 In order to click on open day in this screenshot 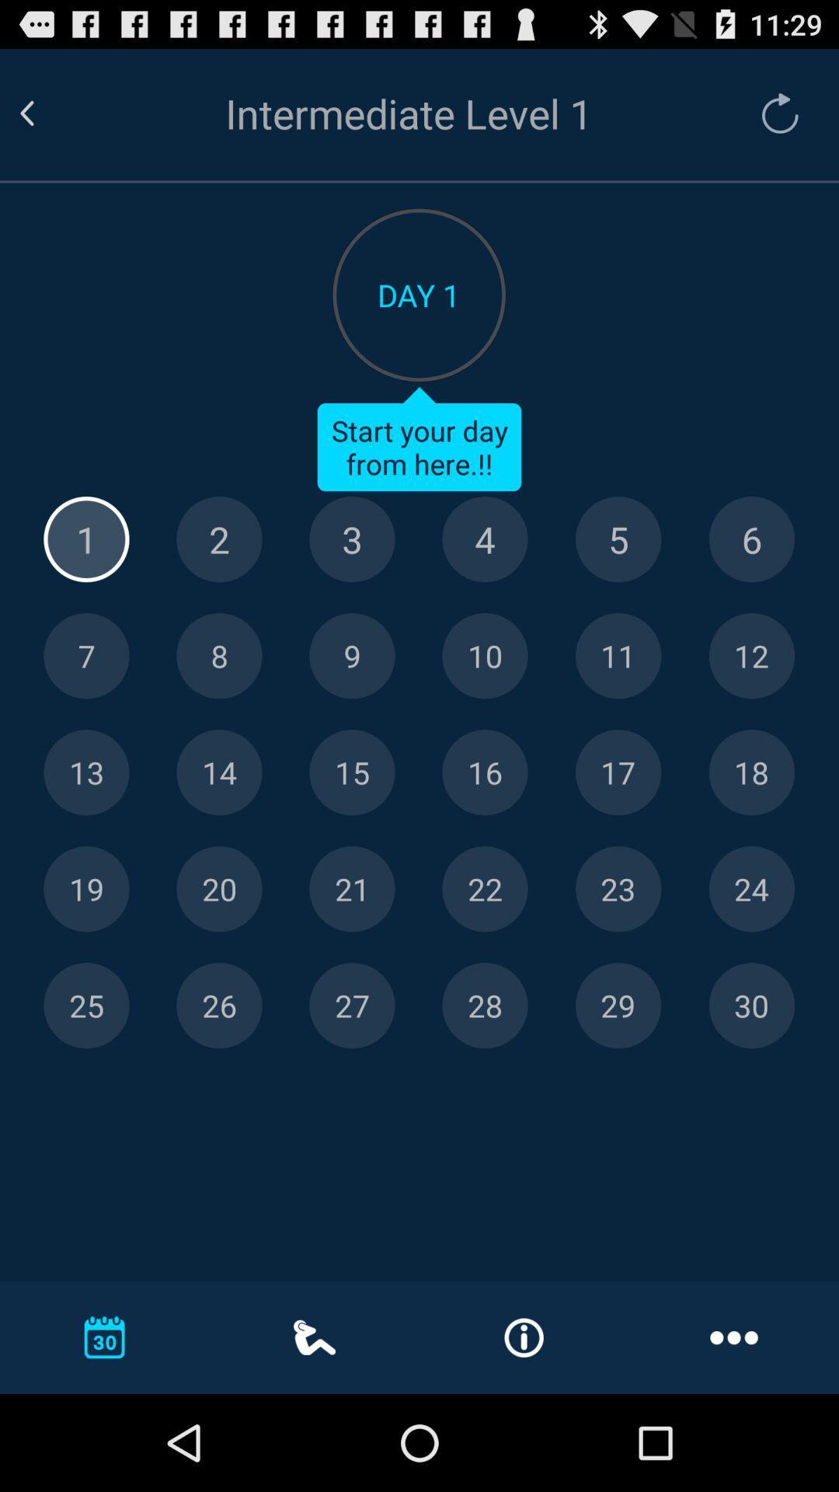, I will do `click(618, 772)`.